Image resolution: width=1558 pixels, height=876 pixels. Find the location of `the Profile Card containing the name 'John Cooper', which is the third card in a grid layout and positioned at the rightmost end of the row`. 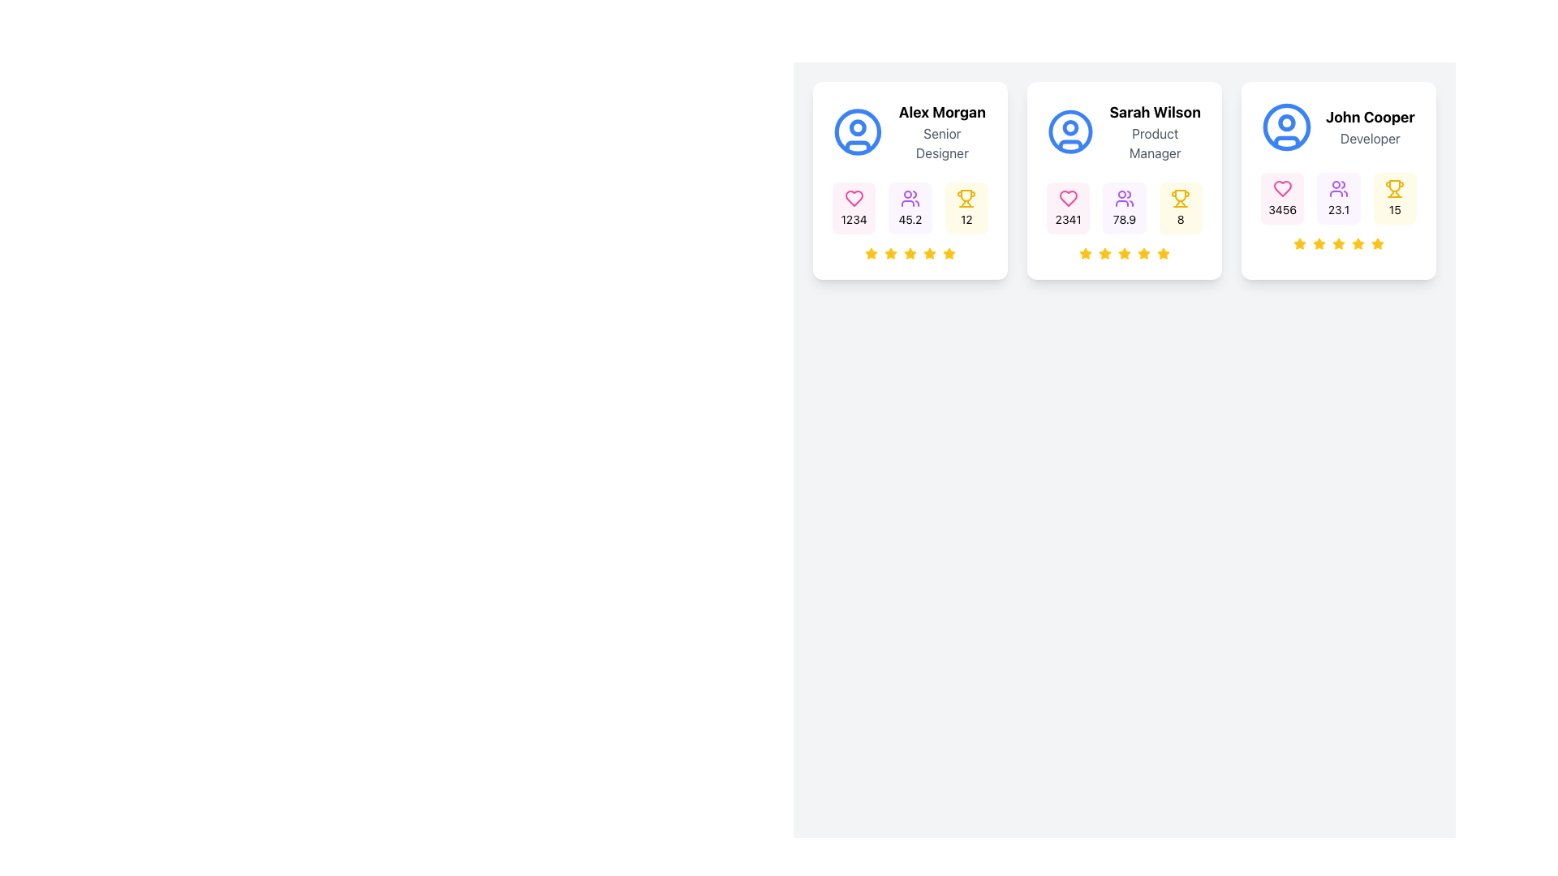

the Profile Card containing the name 'John Cooper', which is the third card in a grid layout and positioned at the rightmost end of the row is located at coordinates (1339, 181).